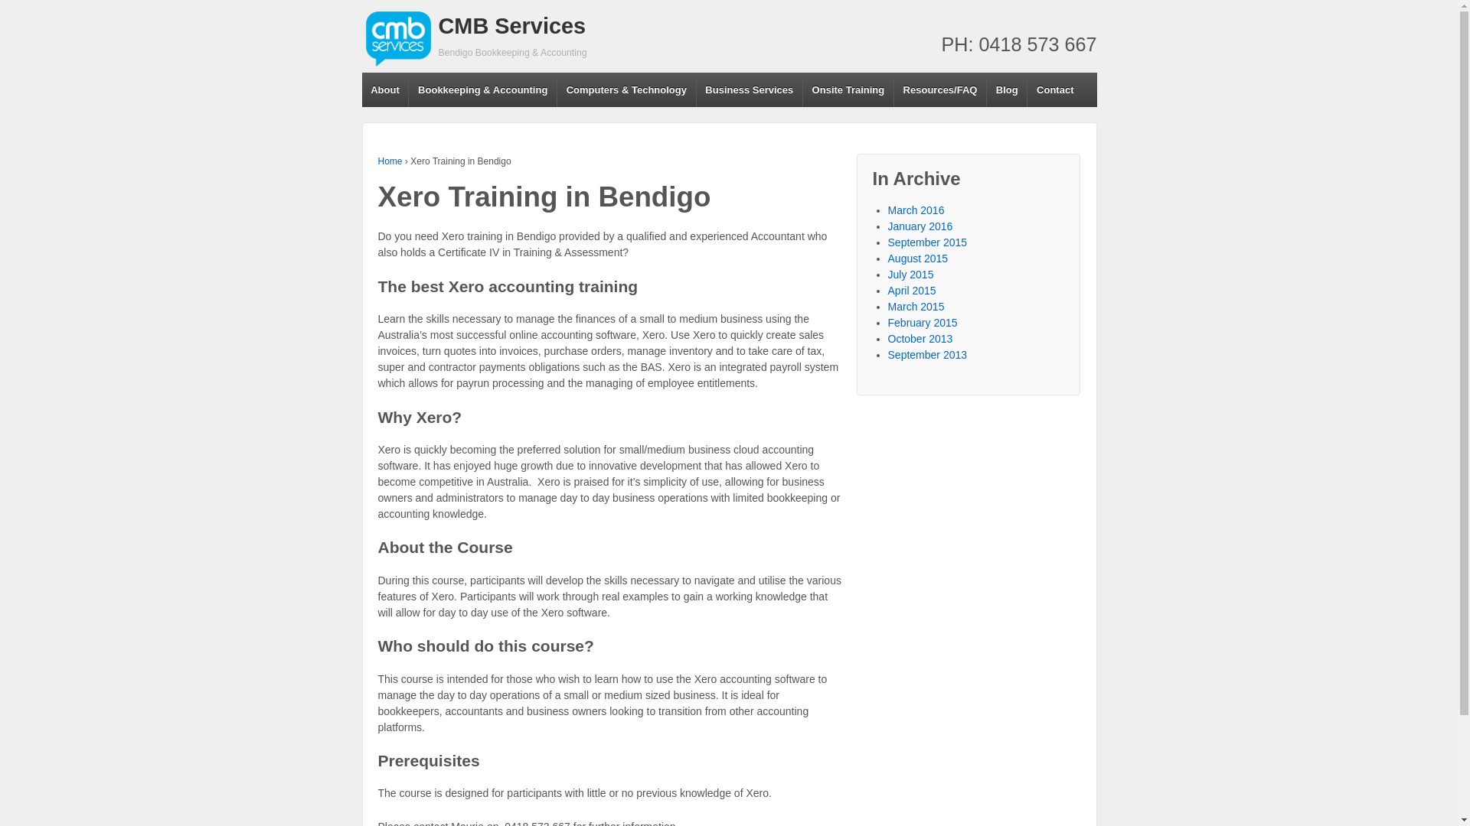 This screenshot has width=1470, height=826. I want to click on 'October 2013', so click(920, 338).